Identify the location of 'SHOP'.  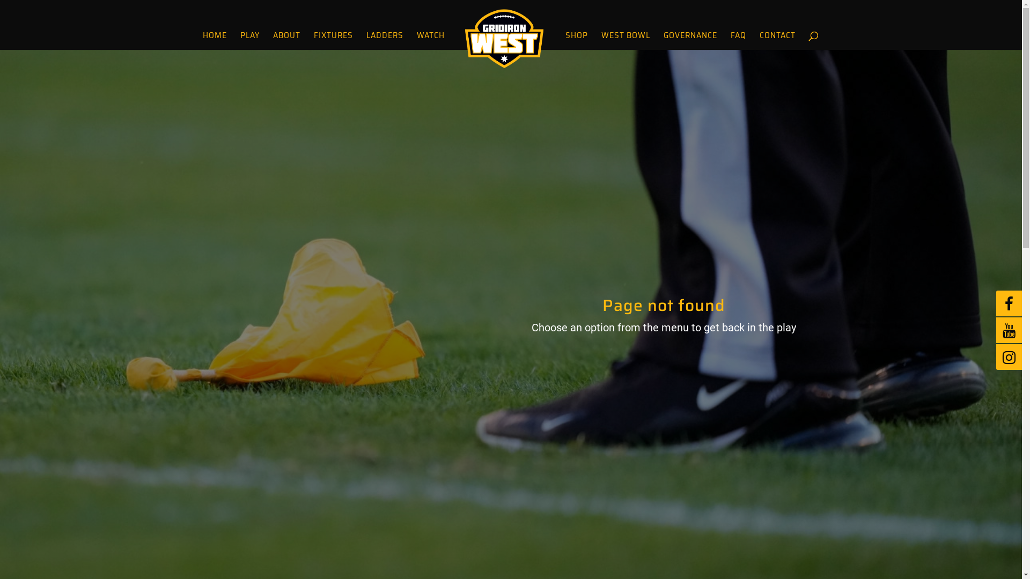
(565, 40).